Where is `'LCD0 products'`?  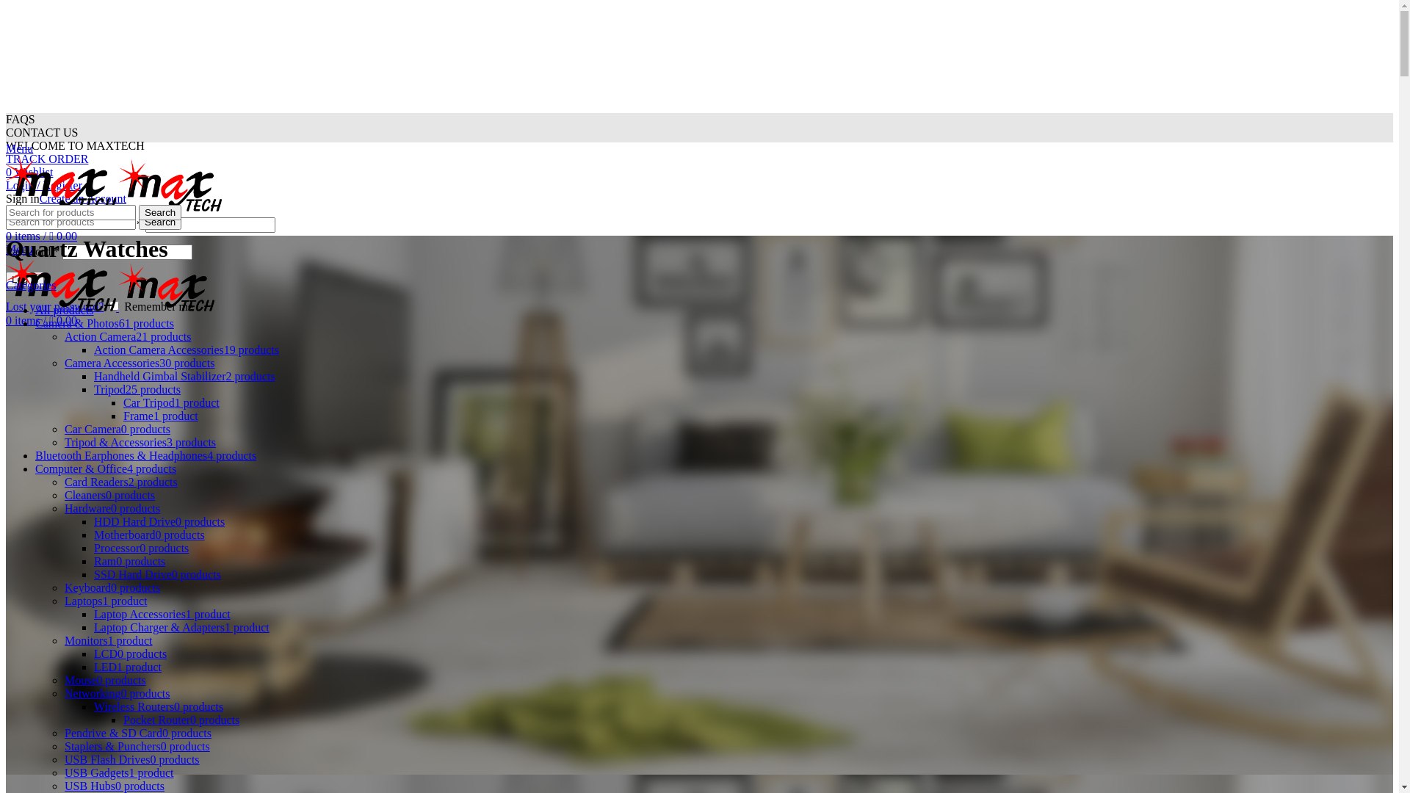
'LCD0 products' is located at coordinates (130, 653).